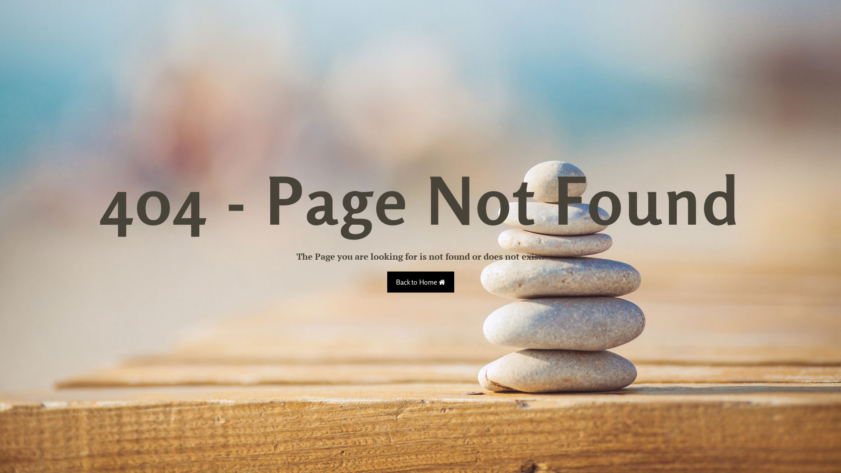 This screenshot has width=841, height=473. What do you see at coordinates (386, 282) in the screenshot?
I see `'Back to Home'` at bounding box center [386, 282].